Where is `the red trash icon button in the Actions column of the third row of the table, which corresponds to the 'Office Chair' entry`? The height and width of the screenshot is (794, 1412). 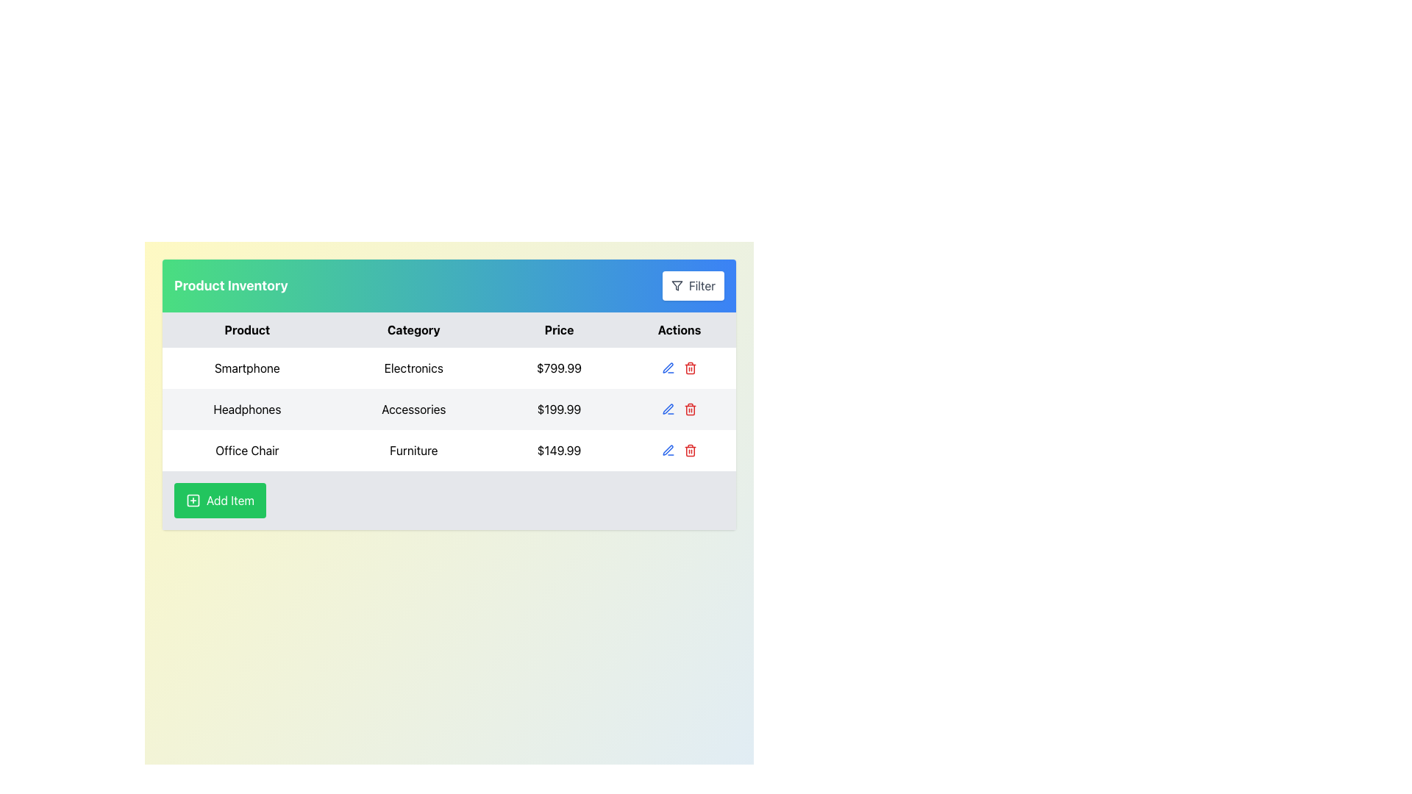 the red trash icon button in the Actions column of the third row of the table, which corresponds to the 'Office Chair' entry is located at coordinates (690, 450).